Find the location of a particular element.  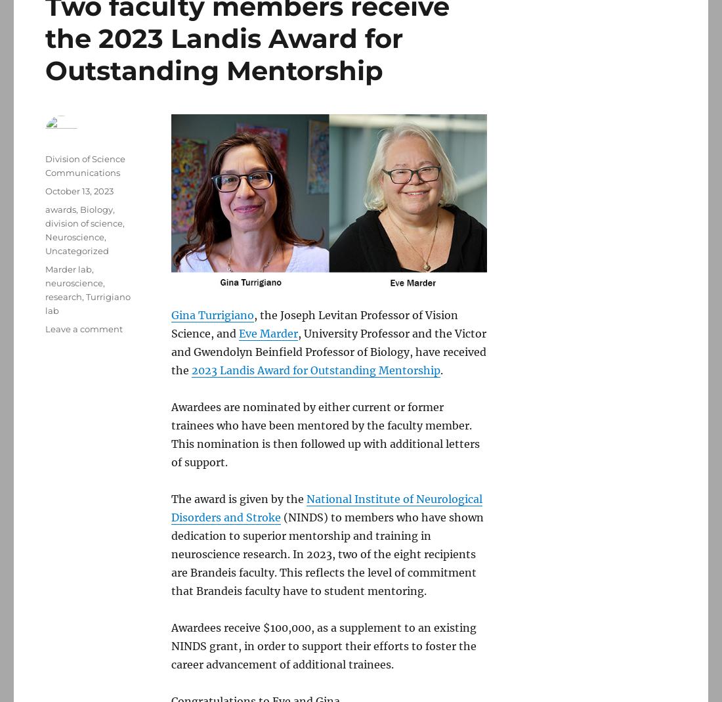

'Leave a comment' is located at coordinates (84, 328).